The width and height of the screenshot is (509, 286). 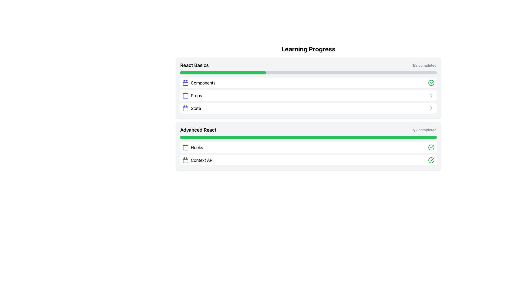 What do you see at coordinates (194, 65) in the screenshot?
I see `text content of the 'React Basics' title label located at the top-left corner of the first section, which is near the green progress bar` at bounding box center [194, 65].